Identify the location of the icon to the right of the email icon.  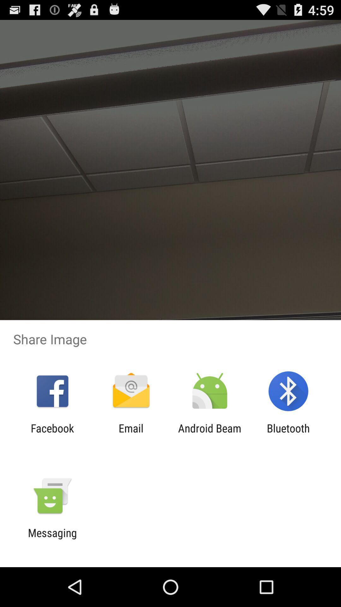
(210, 434).